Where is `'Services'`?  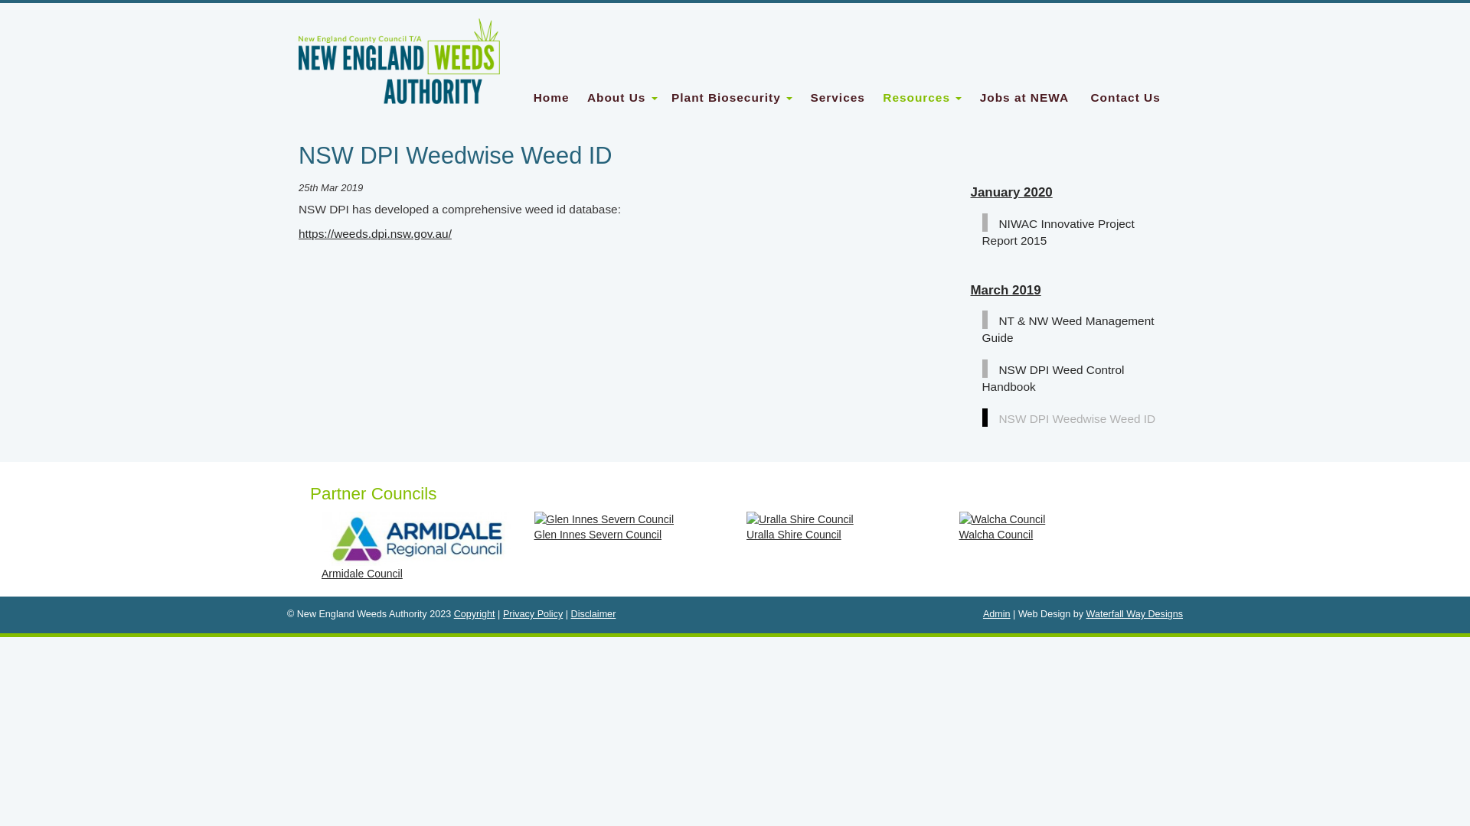 'Services' is located at coordinates (837, 97).